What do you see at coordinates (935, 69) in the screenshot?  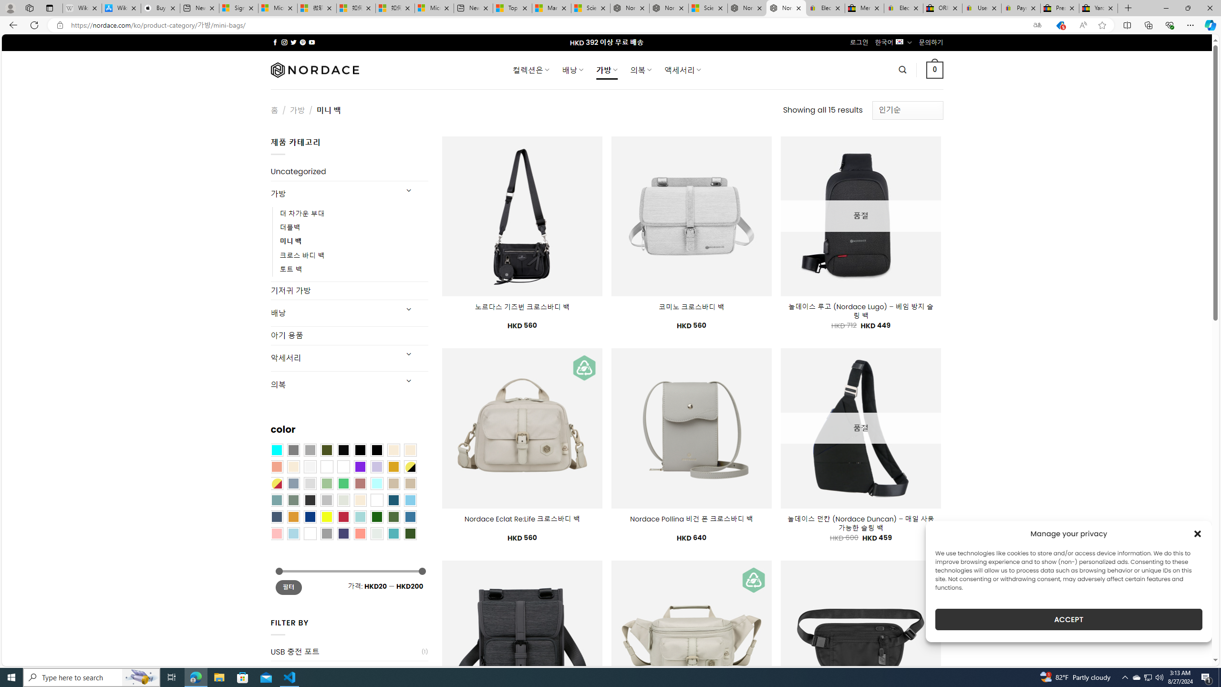 I see `' 0 '` at bounding box center [935, 69].